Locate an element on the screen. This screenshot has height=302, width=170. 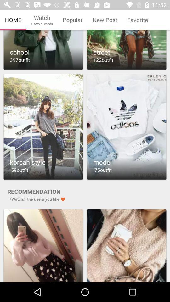
album is located at coordinates (127, 49).